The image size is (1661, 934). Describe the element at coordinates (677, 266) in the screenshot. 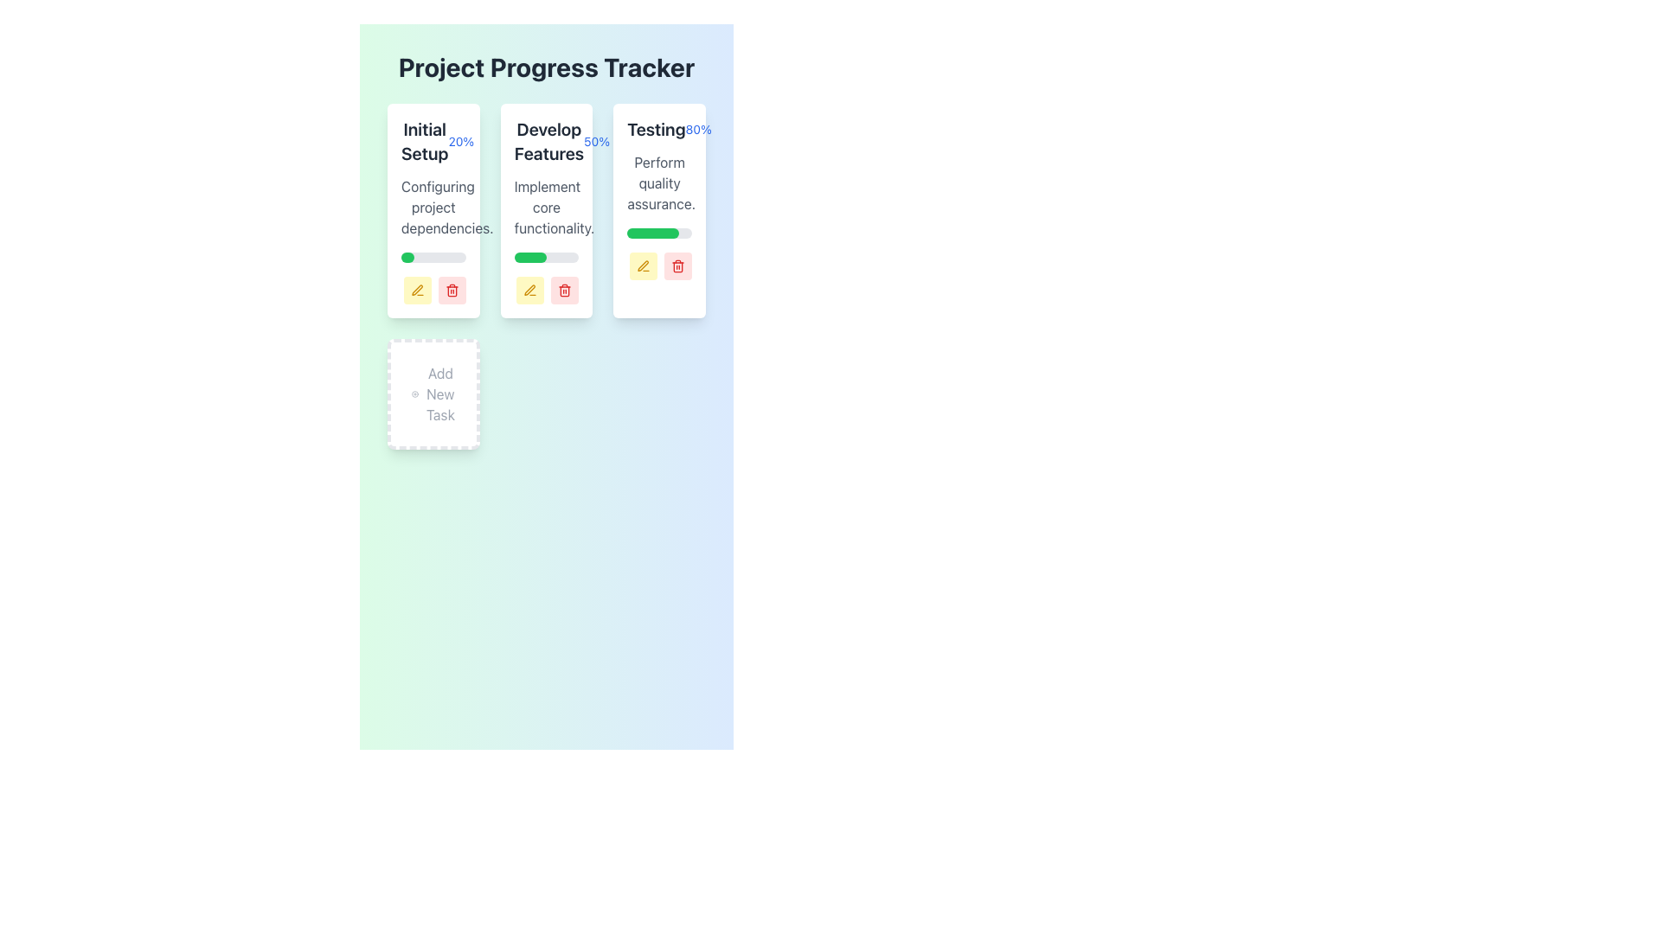

I see `the delete button located at the bottom right of the 'Testing' card in the progress tracker layout` at that location.